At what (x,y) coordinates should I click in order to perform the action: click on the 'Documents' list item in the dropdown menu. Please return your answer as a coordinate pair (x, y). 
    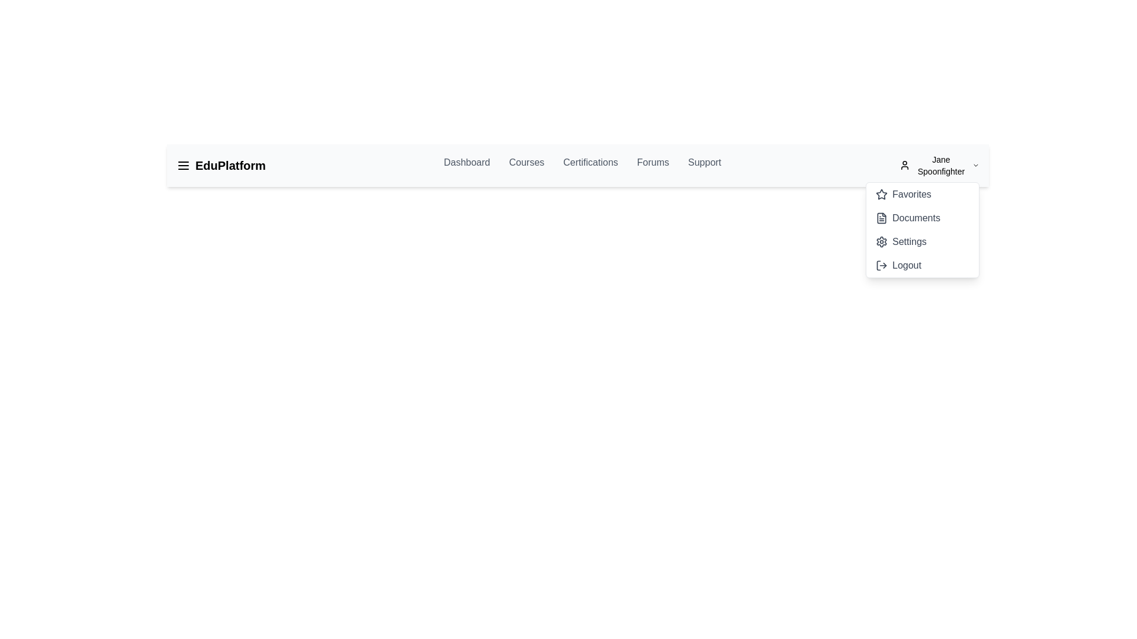
    Looking at the image, I should click on (907, 218).